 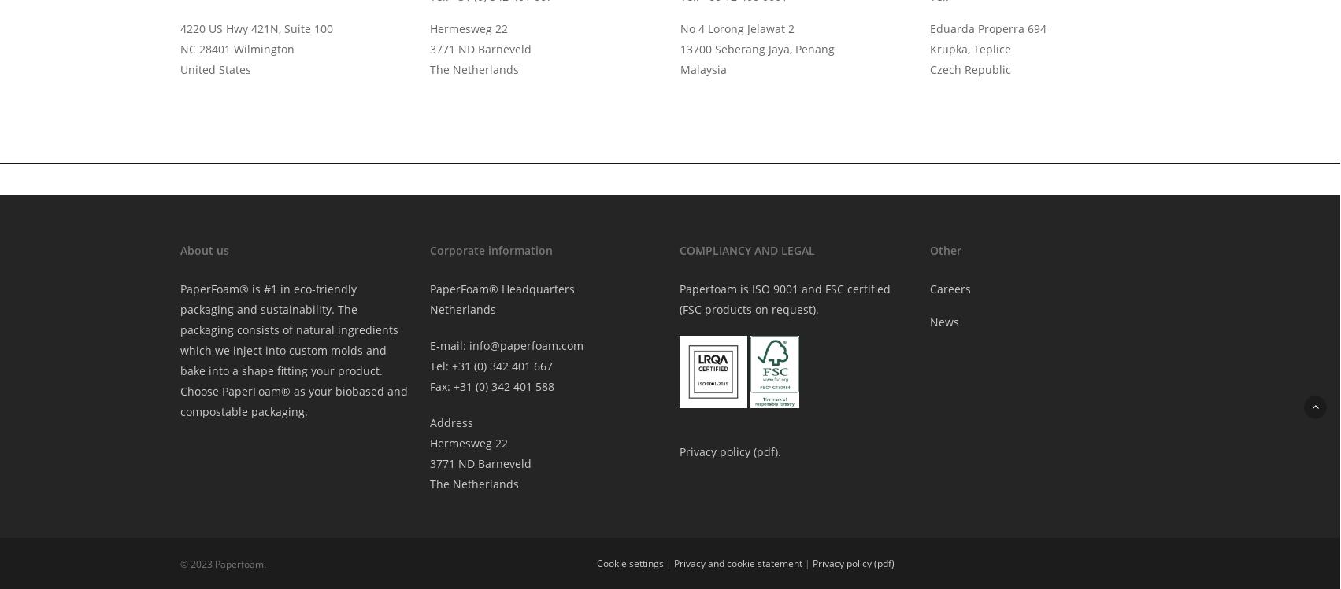 What do you see at coordinates (943, 248) in the screenshot?
I see `'Other'` at bounding box center [943, 248].